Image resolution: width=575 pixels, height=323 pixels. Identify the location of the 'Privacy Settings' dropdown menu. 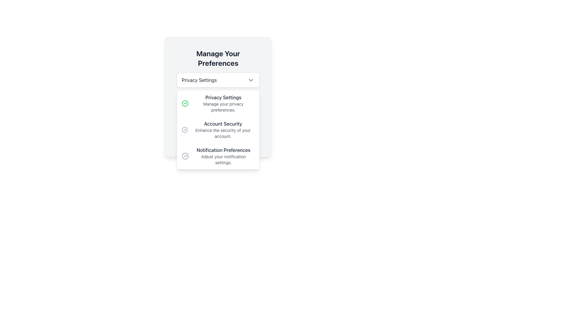
(218, 80).